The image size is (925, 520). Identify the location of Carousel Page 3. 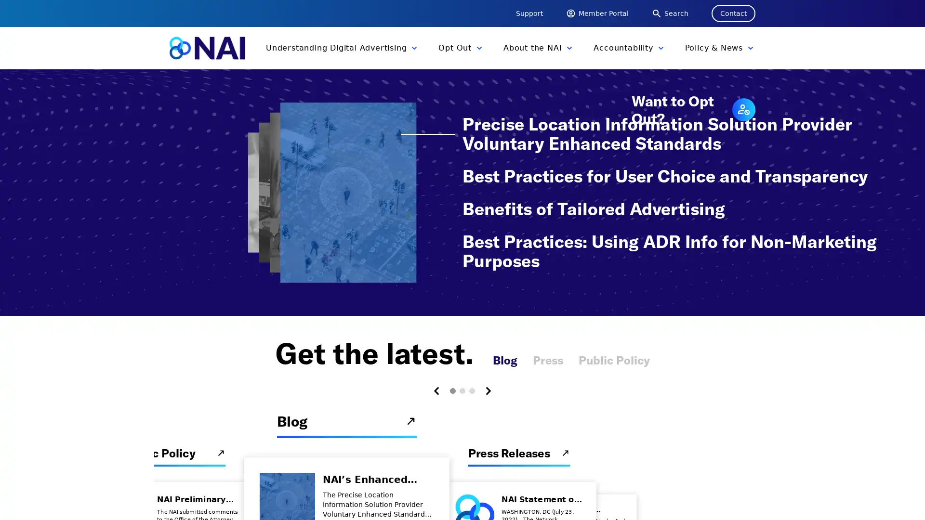
(472, 391).